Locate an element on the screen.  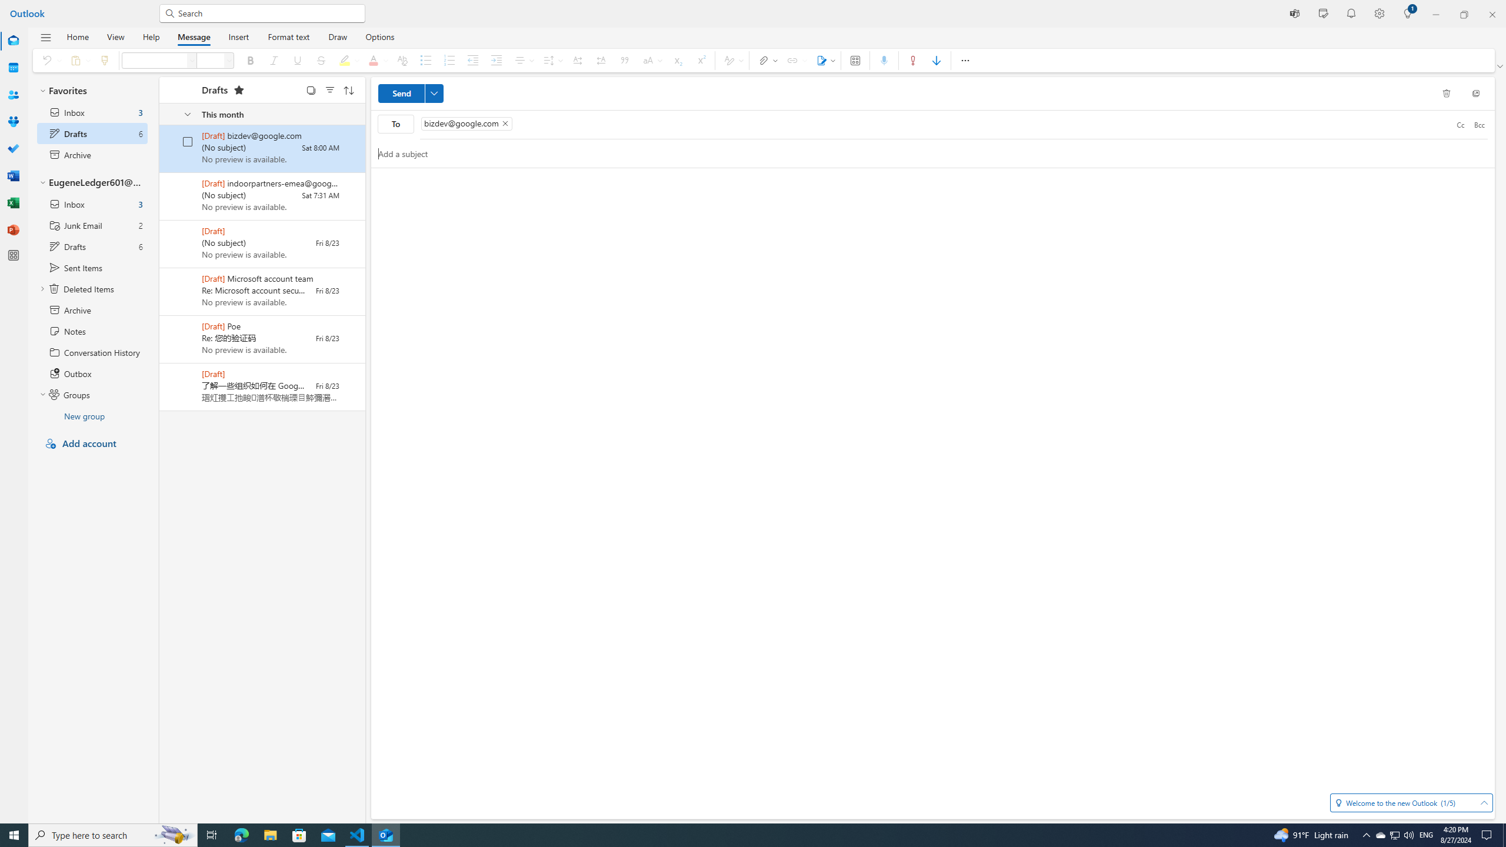
'Cc' is located at coordinates (1460, 124).